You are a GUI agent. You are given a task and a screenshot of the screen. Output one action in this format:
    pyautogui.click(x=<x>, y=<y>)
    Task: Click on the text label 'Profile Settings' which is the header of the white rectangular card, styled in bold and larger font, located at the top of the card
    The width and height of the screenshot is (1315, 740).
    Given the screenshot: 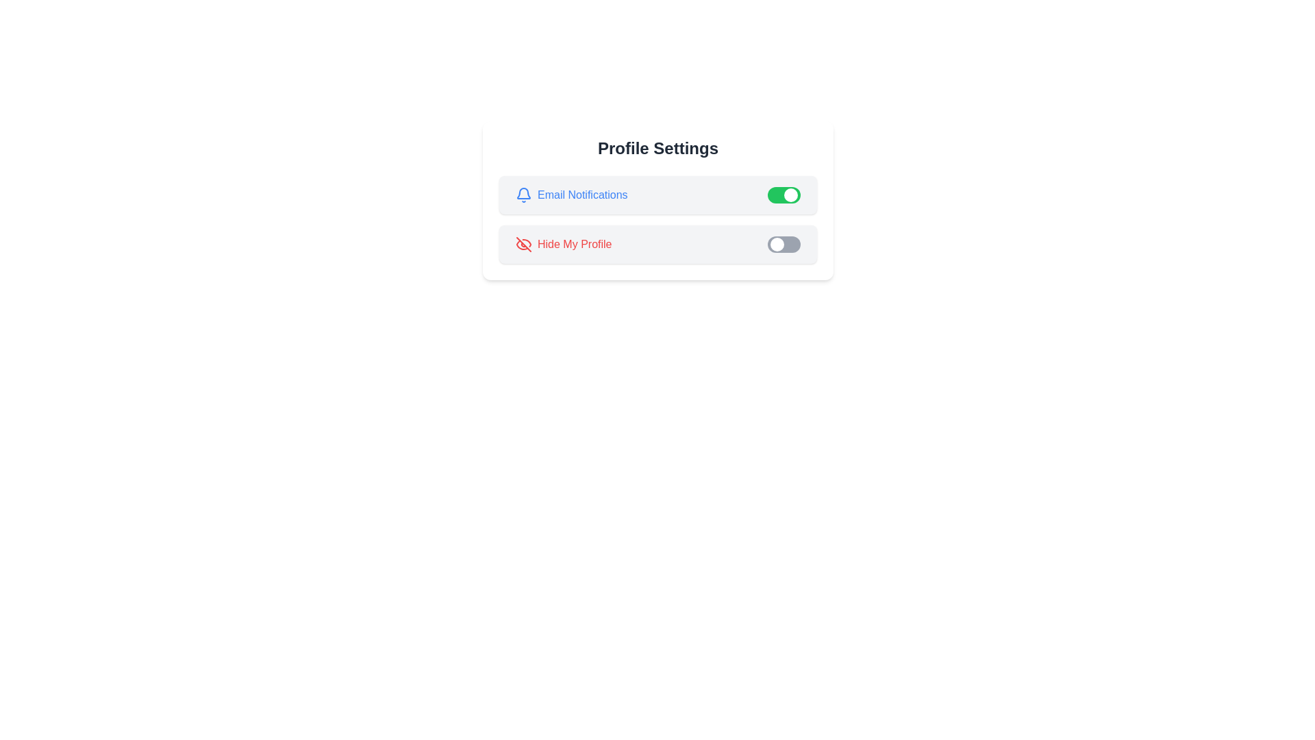 What is the action you would take?
    pyautogui.click(x=657, y=148)
    